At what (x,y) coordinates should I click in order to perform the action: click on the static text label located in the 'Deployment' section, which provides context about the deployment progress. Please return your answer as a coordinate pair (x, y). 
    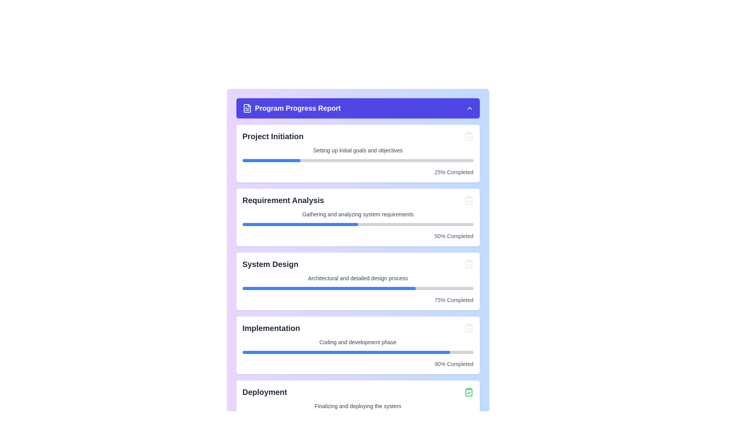
    Looking at the image, I should click on (357, 405).